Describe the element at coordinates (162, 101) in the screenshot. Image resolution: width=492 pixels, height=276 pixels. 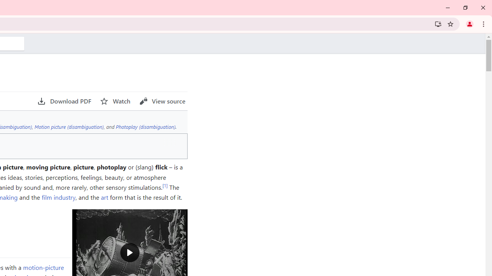
I see `'AutomationID: page-actions-viewsource'` at that location.